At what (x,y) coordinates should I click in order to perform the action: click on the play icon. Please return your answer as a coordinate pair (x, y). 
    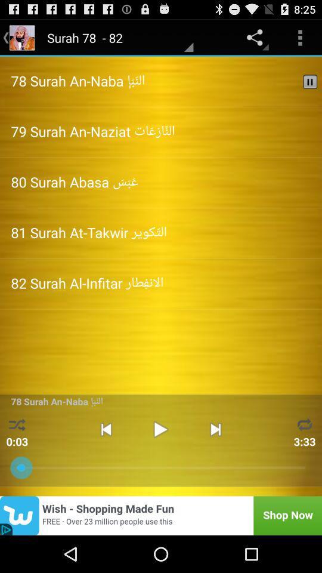
    Looking at the image, I should click on (160, 458).